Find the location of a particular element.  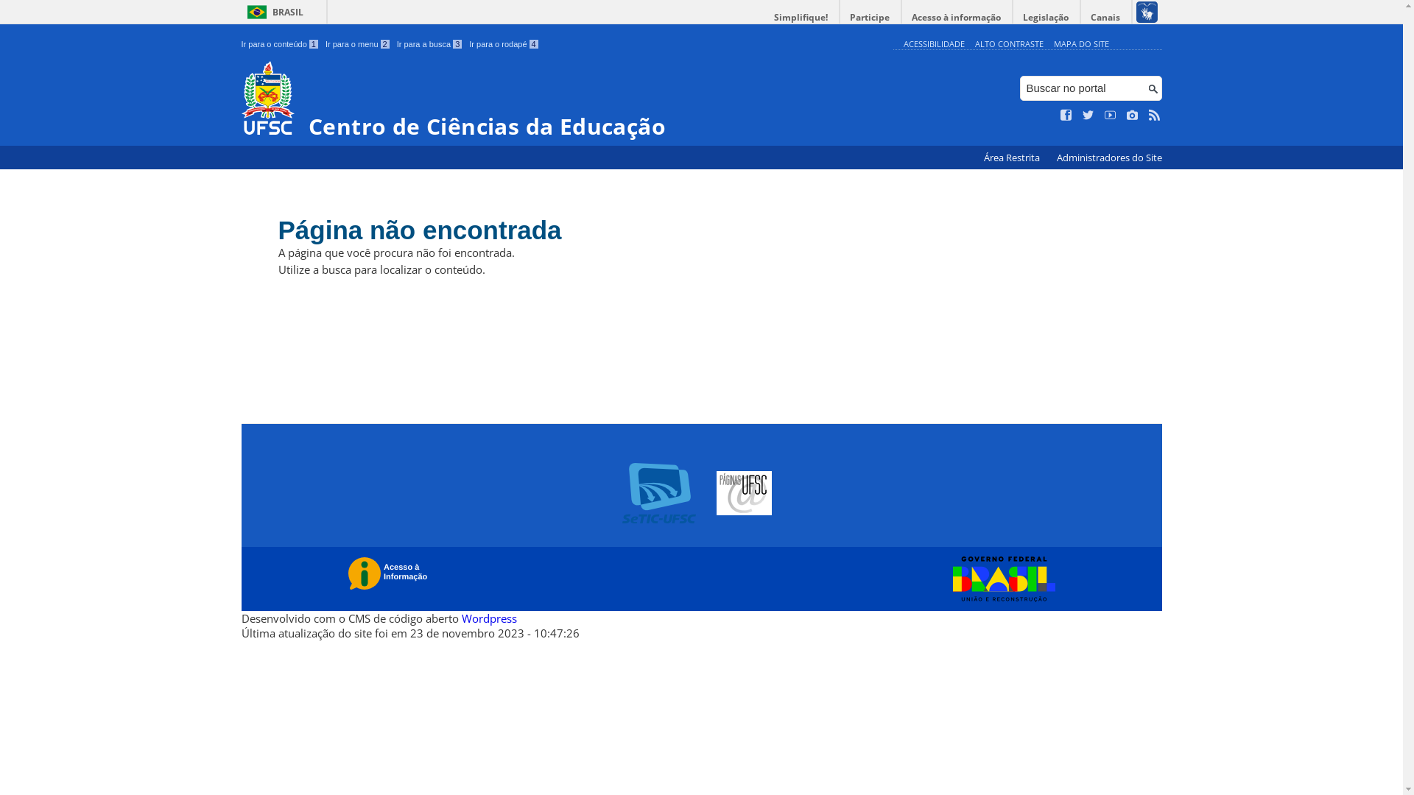

'ACESSIBILIDADE' is located at coordinates (932, 43).